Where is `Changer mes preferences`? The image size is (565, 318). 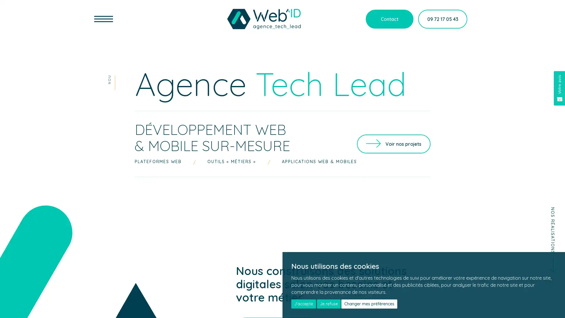 Changer mes preferences is located at coordinates (369, 304).